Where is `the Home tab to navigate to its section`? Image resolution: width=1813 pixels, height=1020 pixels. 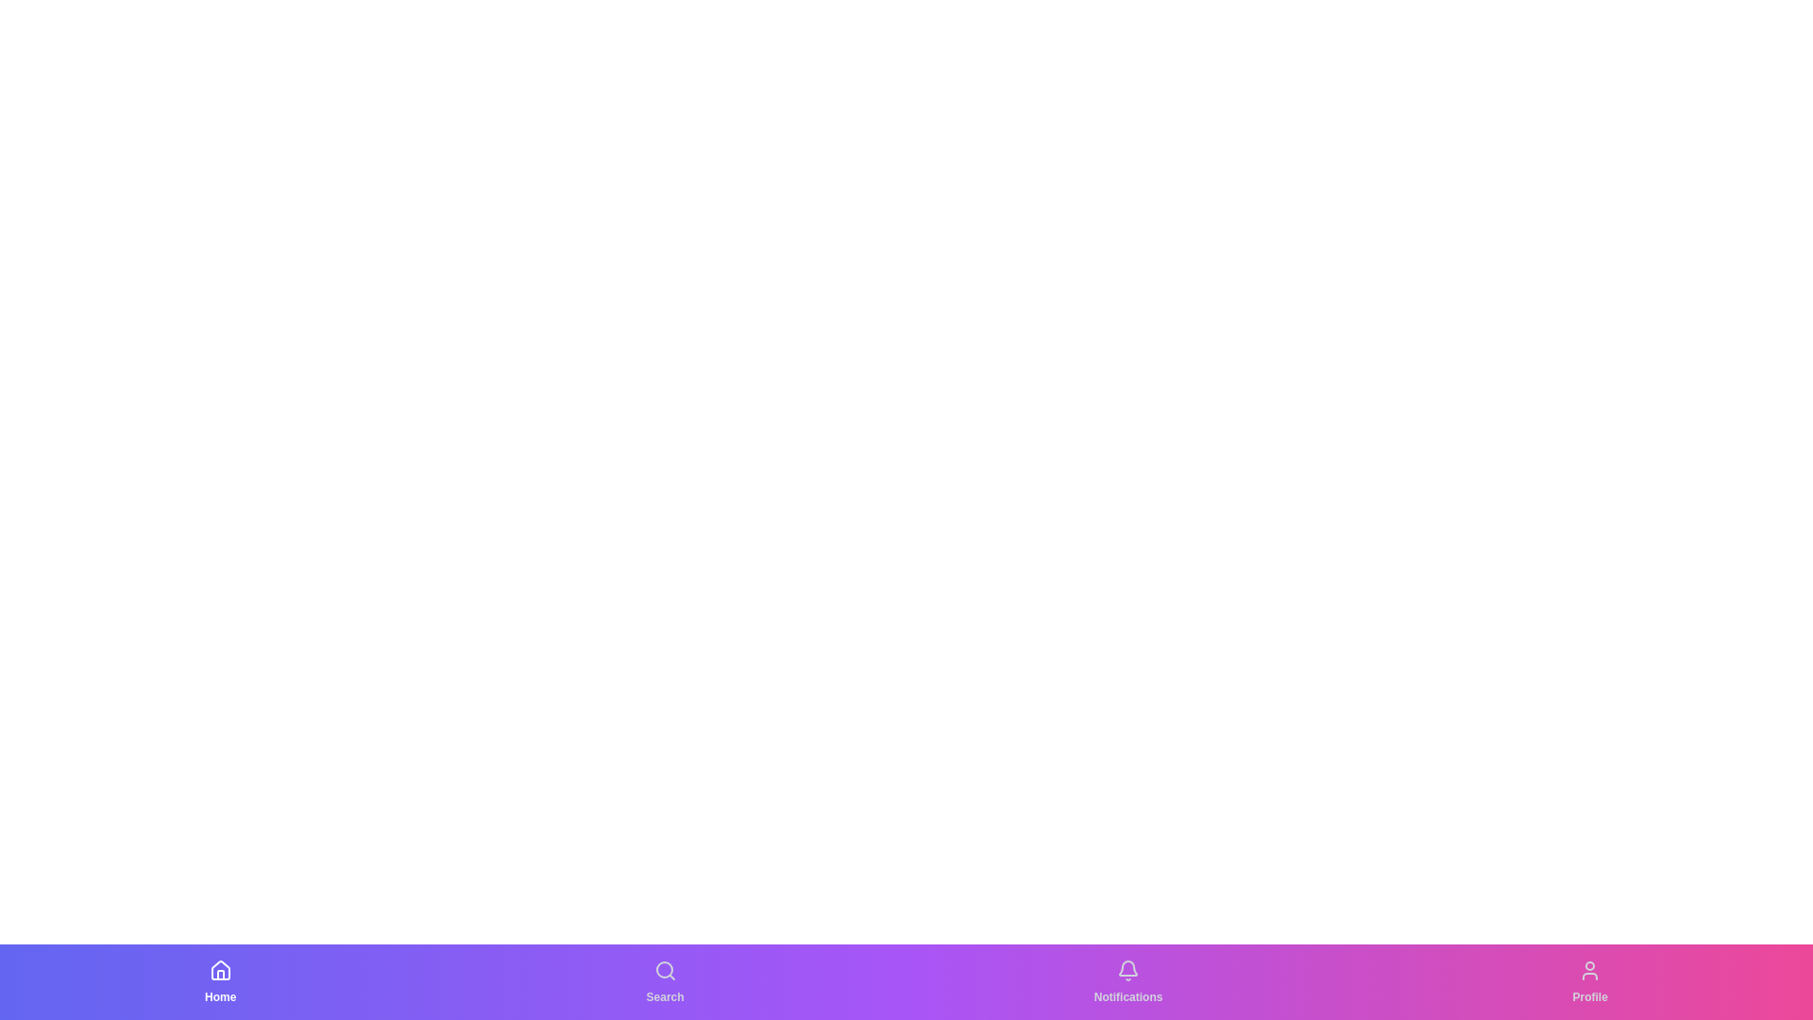 the Home tab to navigate to its section is located at coordinates (220, 981).